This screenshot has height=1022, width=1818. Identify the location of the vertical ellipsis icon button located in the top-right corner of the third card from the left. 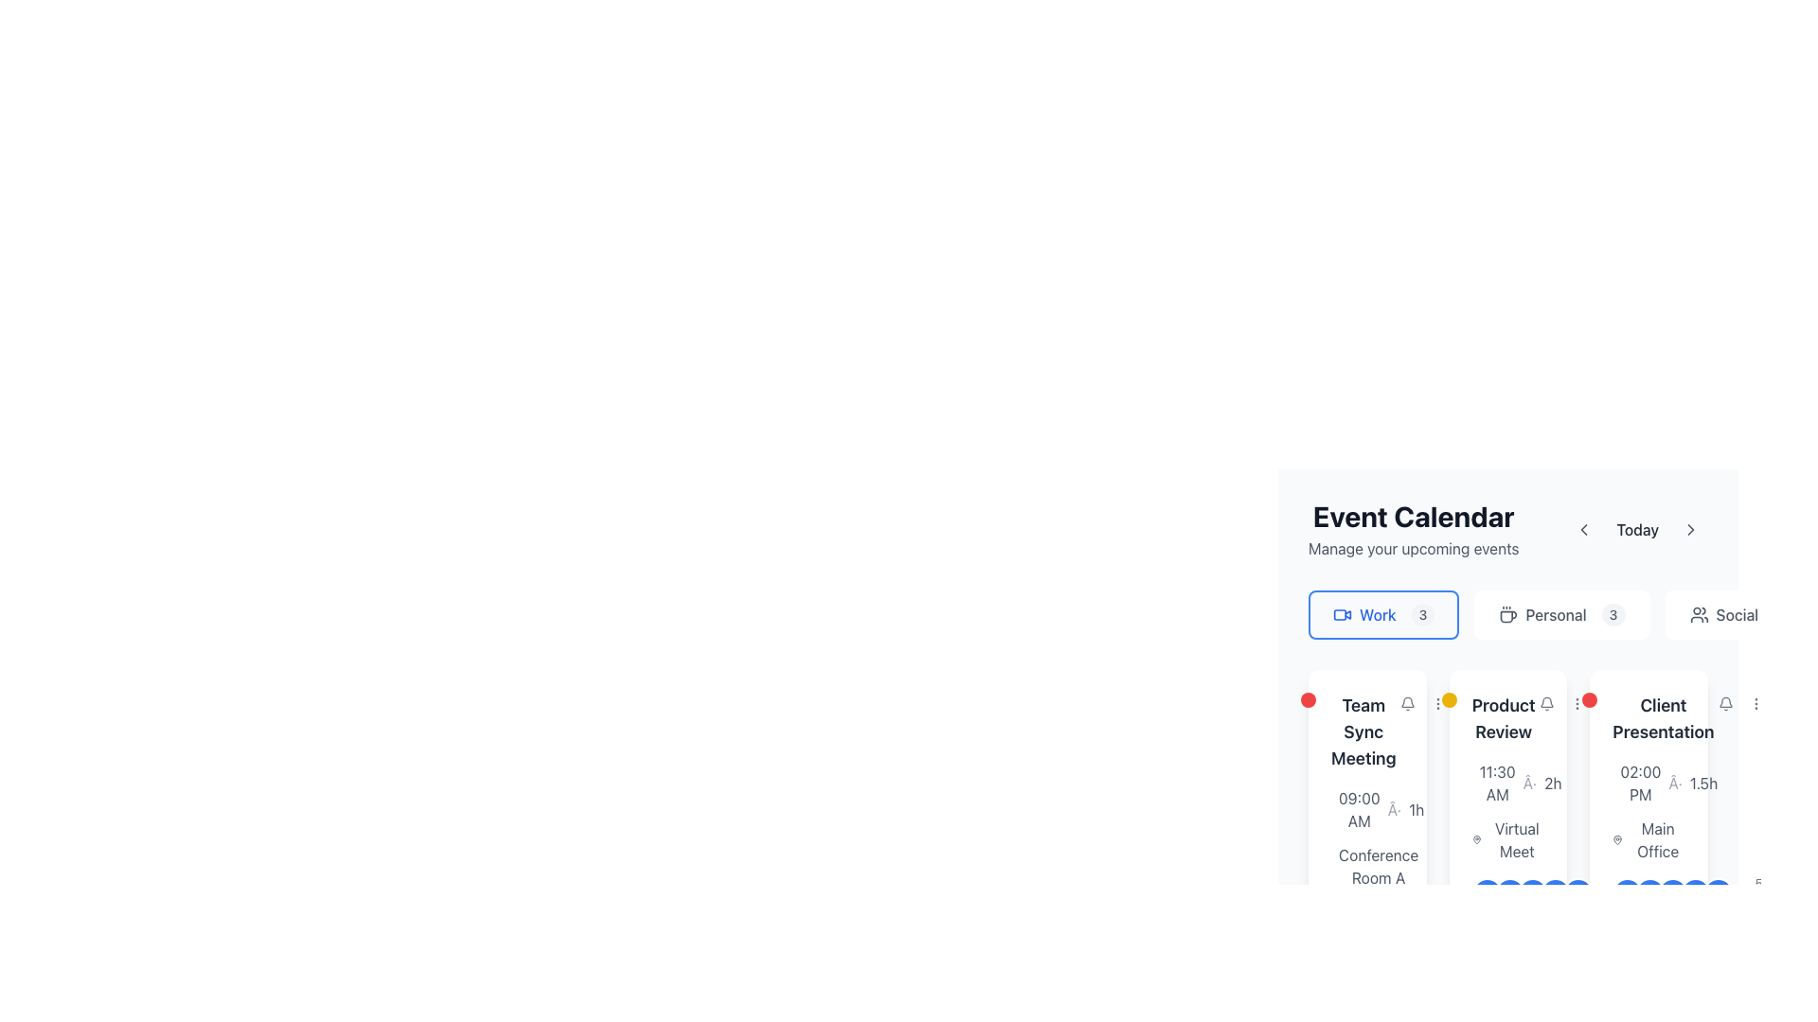
(1577, 704).